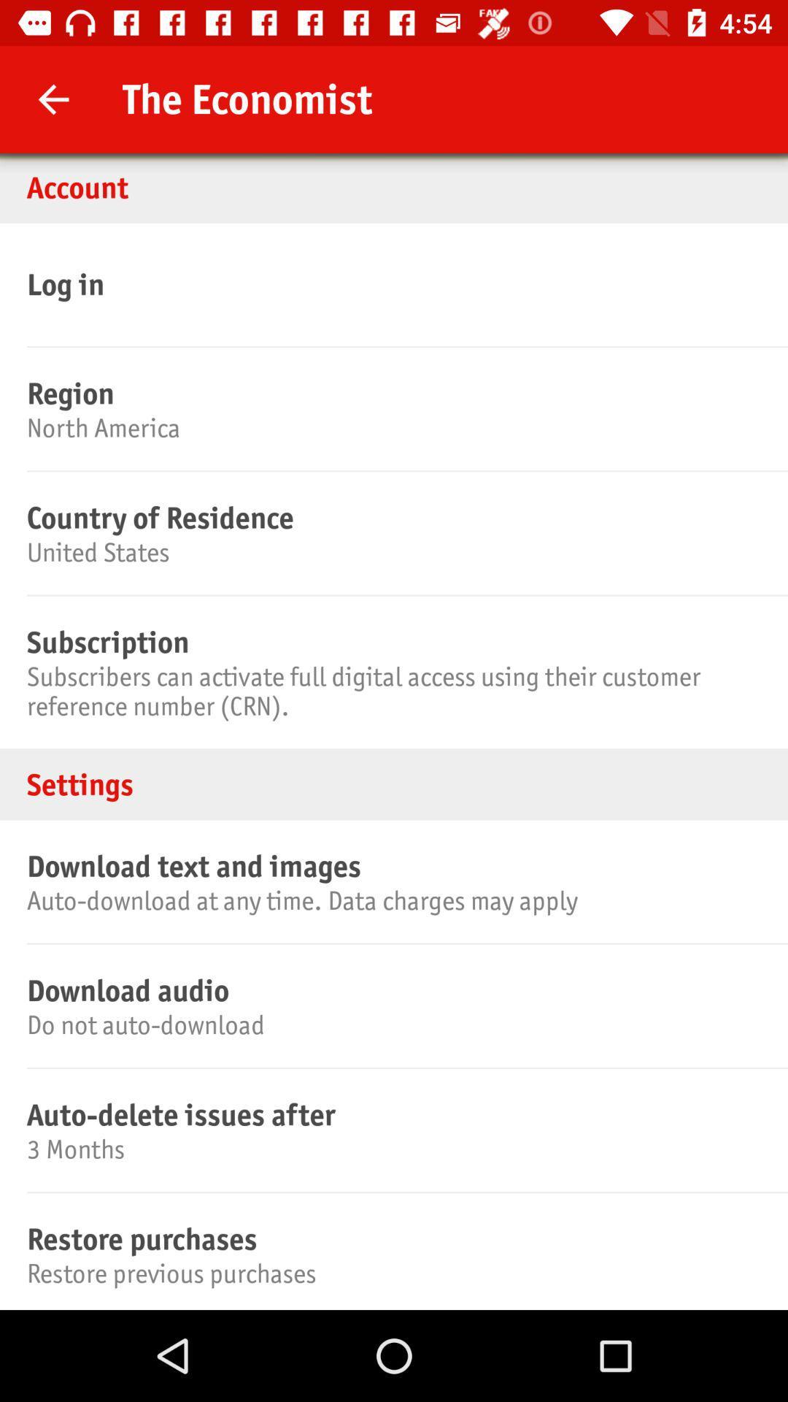  What do you see at coordinates (391, 866) in the screenshot?
I see `the download text and icon` at bounding box center [391, 866].